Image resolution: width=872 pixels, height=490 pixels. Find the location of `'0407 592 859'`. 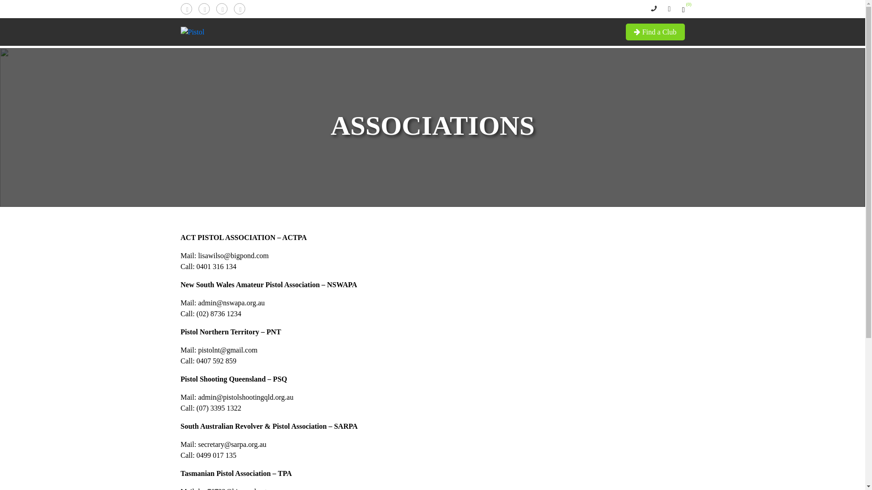

'0407 592 859' is located at coordinates (216, 360).